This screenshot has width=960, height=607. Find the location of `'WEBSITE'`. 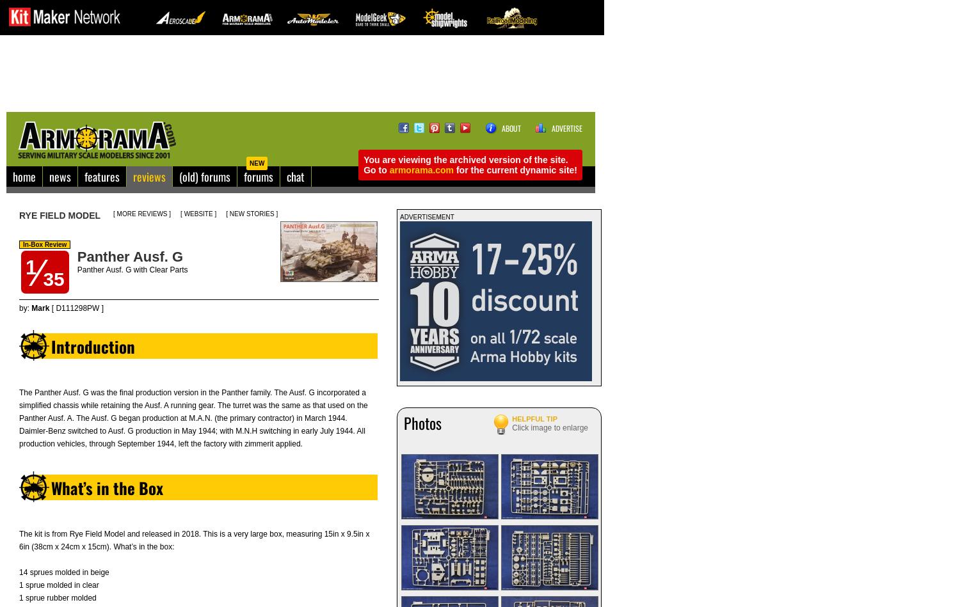

'WEBSITE' is located at coordinates (198, 214).